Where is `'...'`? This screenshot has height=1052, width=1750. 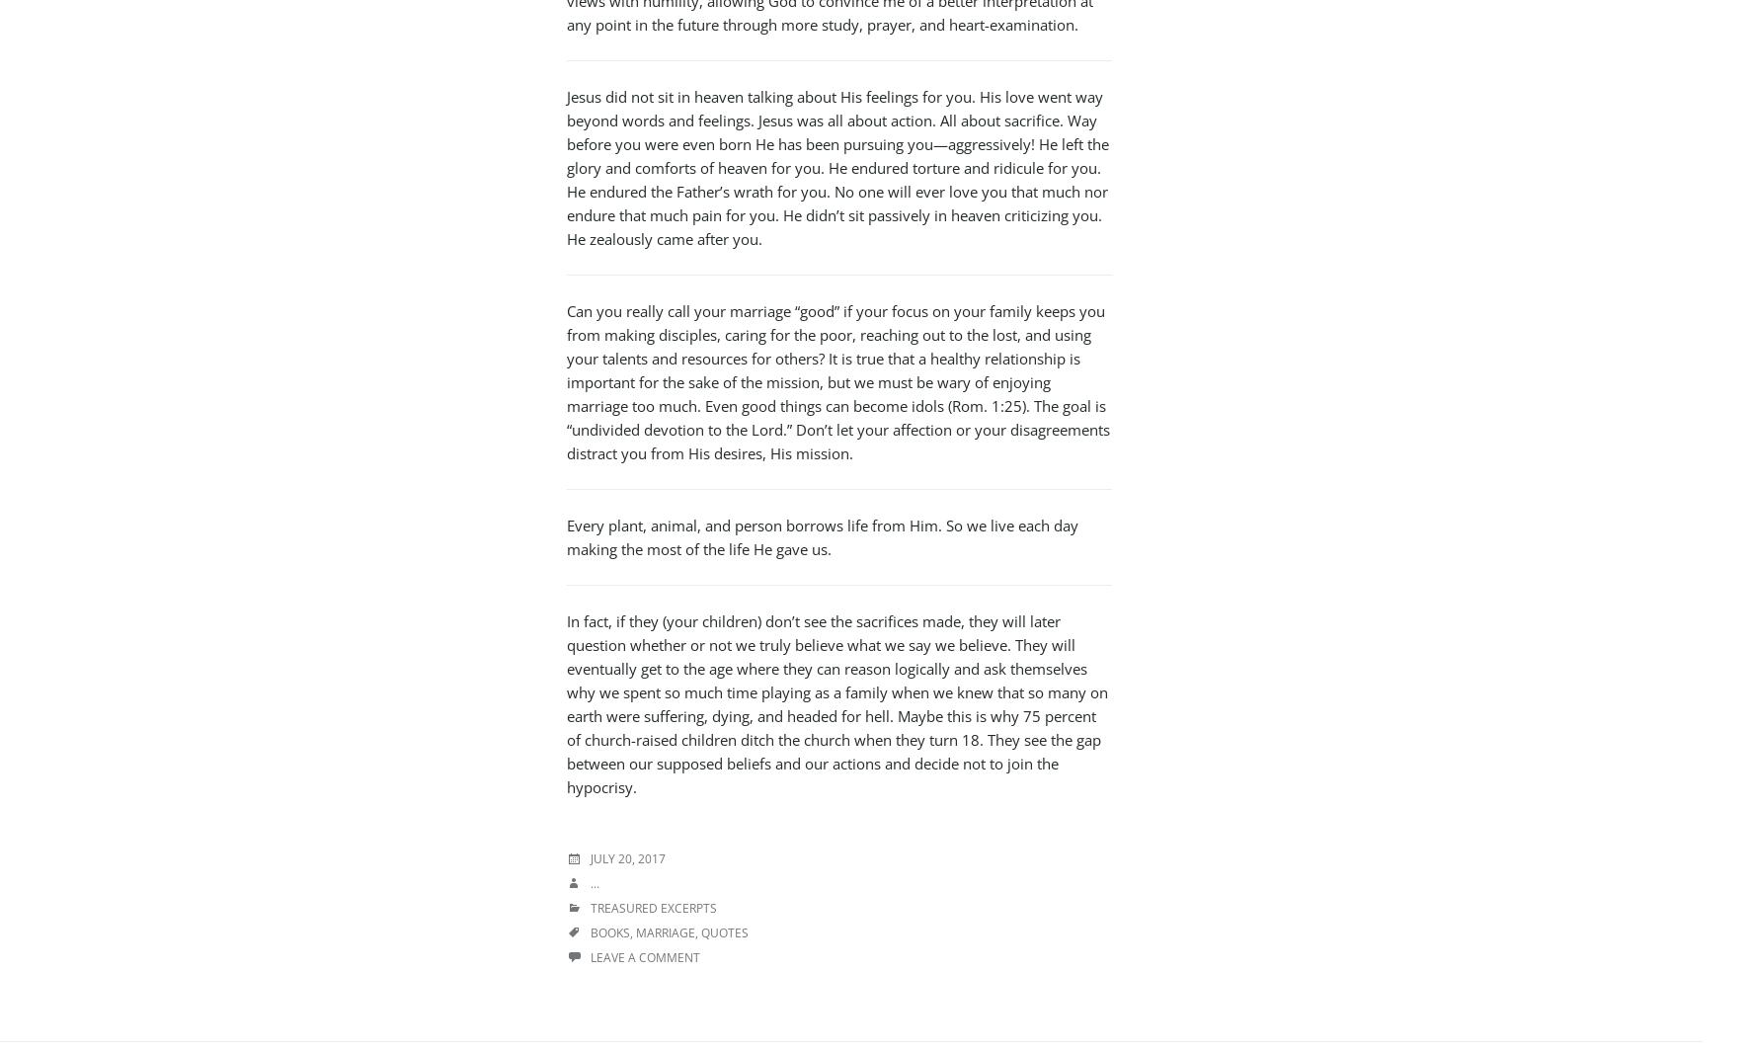
'...' is located at coordinates (595, 883).